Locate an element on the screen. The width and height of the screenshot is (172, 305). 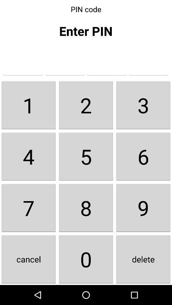
button next to the 9 item is located at coordinates (86, 259).